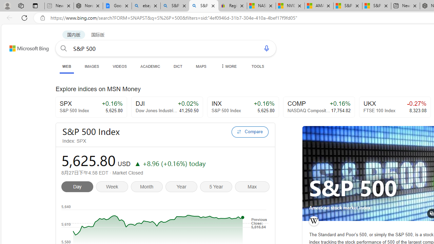 This screenshot has height=244, width=434. I want to click on 'UKX-0.27%FTSE 100 Index8,323.08', so click(395, 107).